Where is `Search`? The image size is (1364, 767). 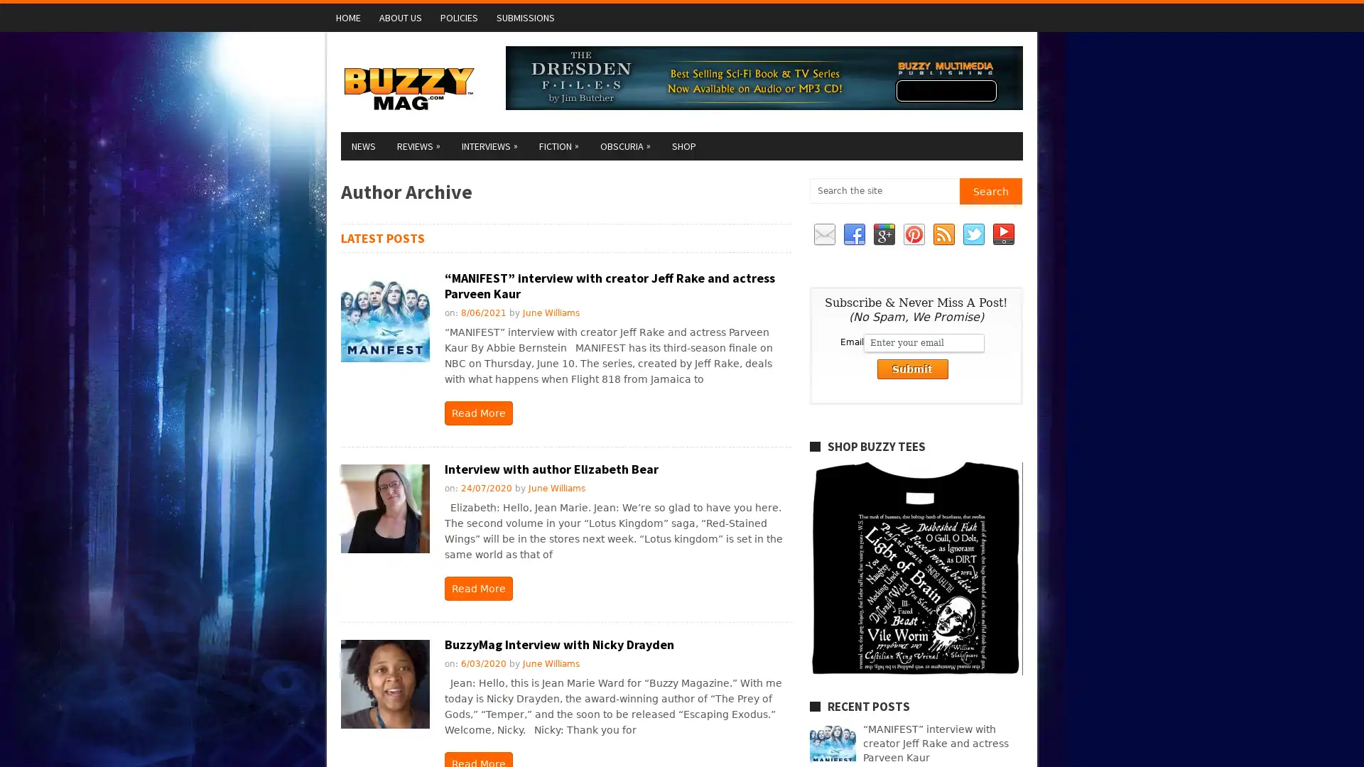
Search is located at coordinates (990, 190).